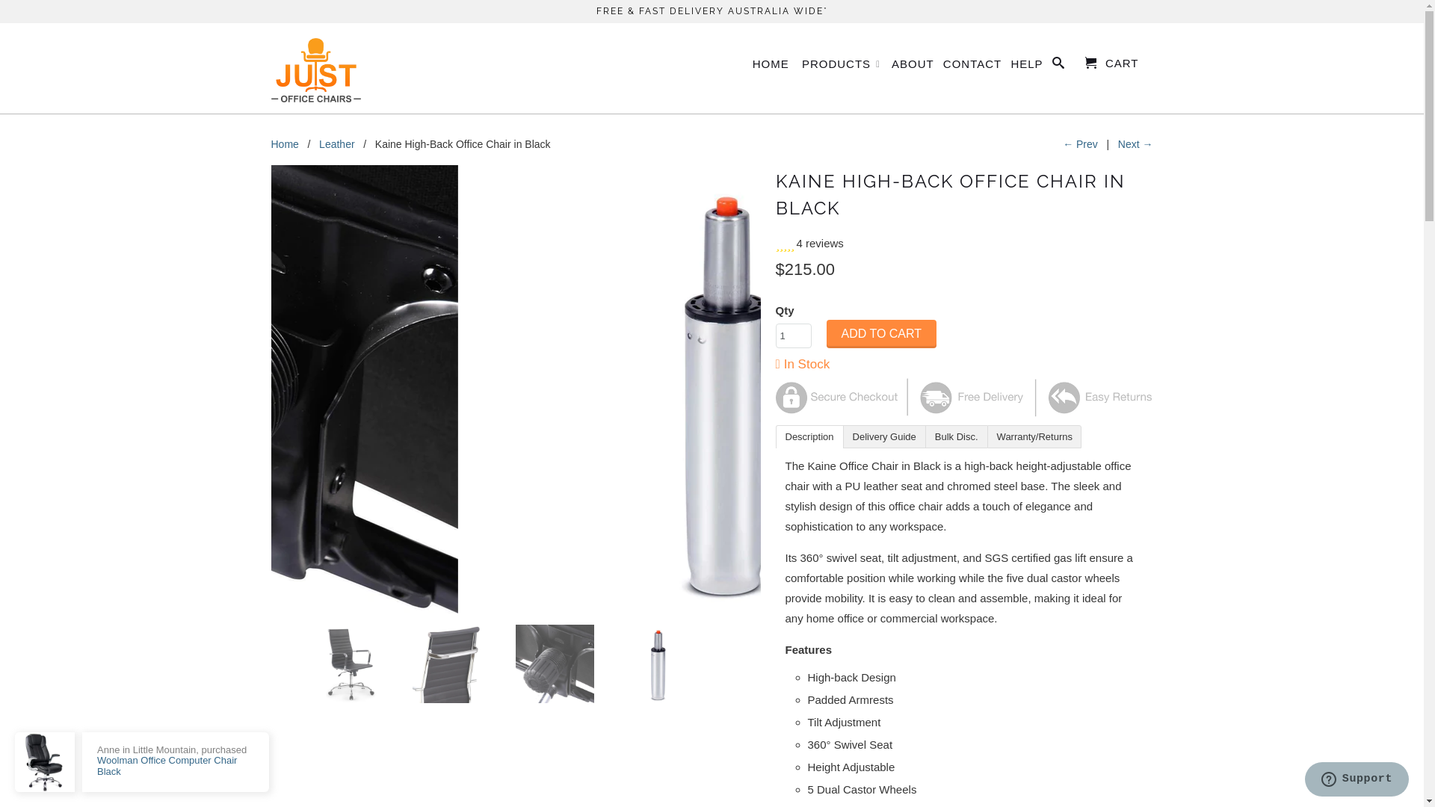 The width and height of the screenshot is (1435, 807). I want to click on 'Search', so click(1051, 65).